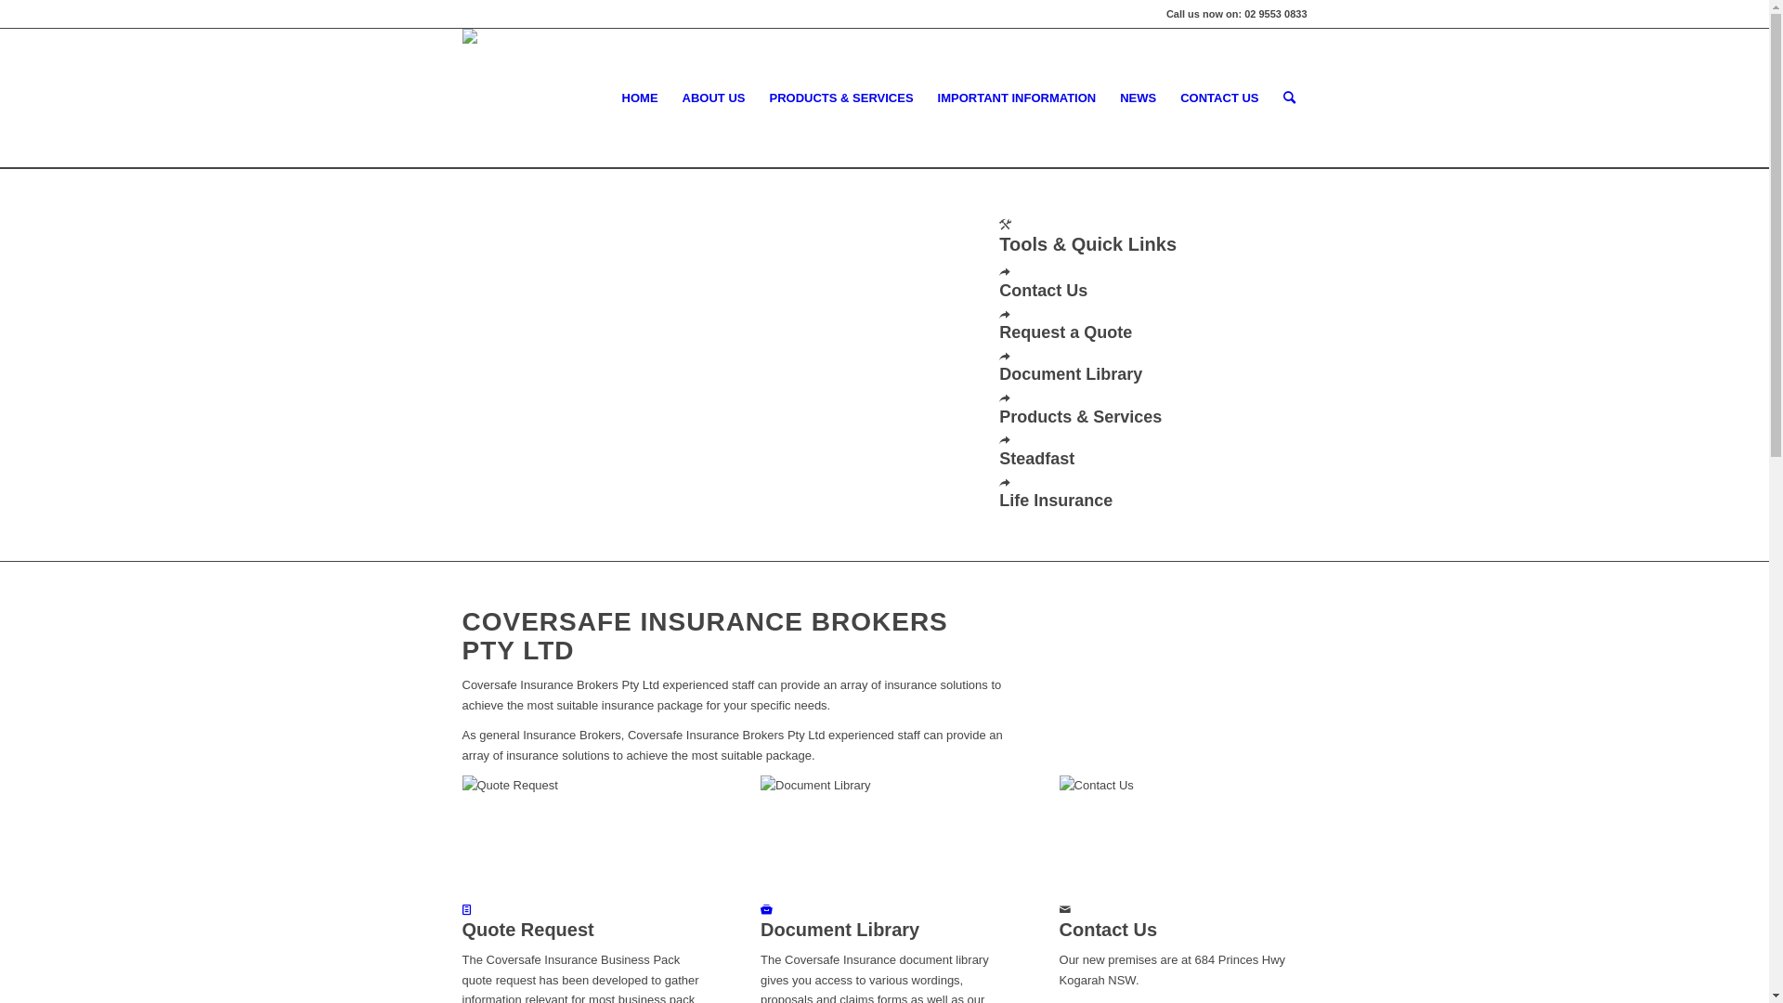 The width and height of the screenshot is (1783, 1003). I want to click on 'Life Insurance', so click(1056, 500).